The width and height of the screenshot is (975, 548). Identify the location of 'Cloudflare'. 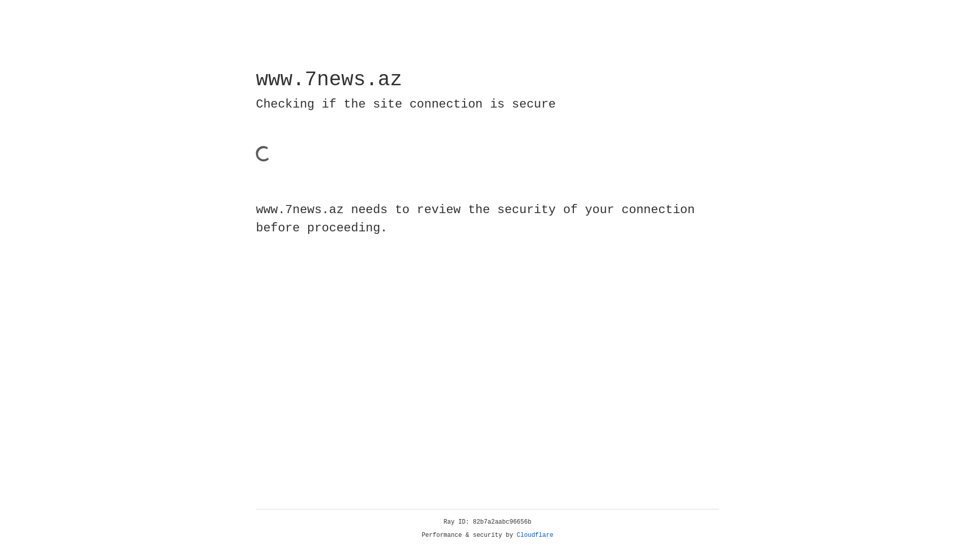
(535, 535).